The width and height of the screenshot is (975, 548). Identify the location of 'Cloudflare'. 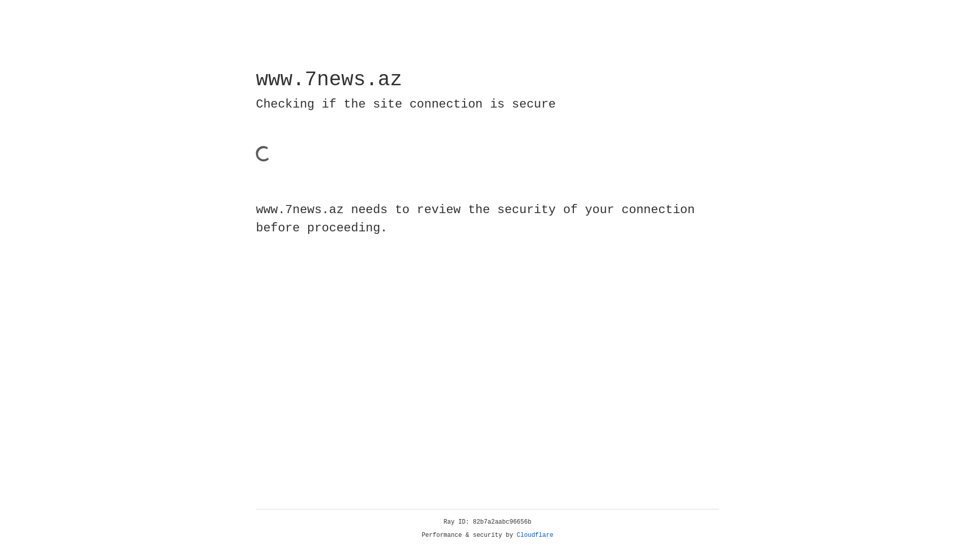
(535, 535).